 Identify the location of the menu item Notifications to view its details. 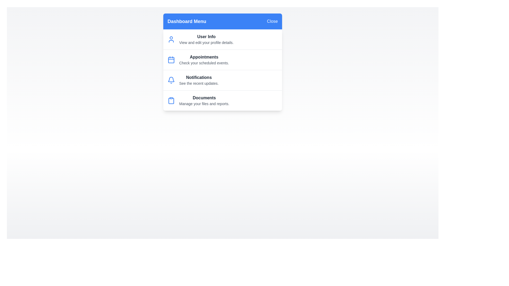
(171, 80).